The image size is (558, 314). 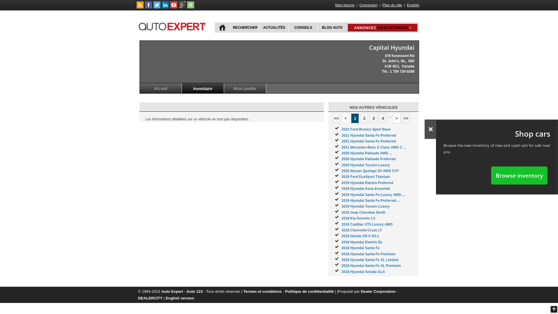 I want to click on '2019 Hyundai Elantra Preferred', so click(x=367, y=182).